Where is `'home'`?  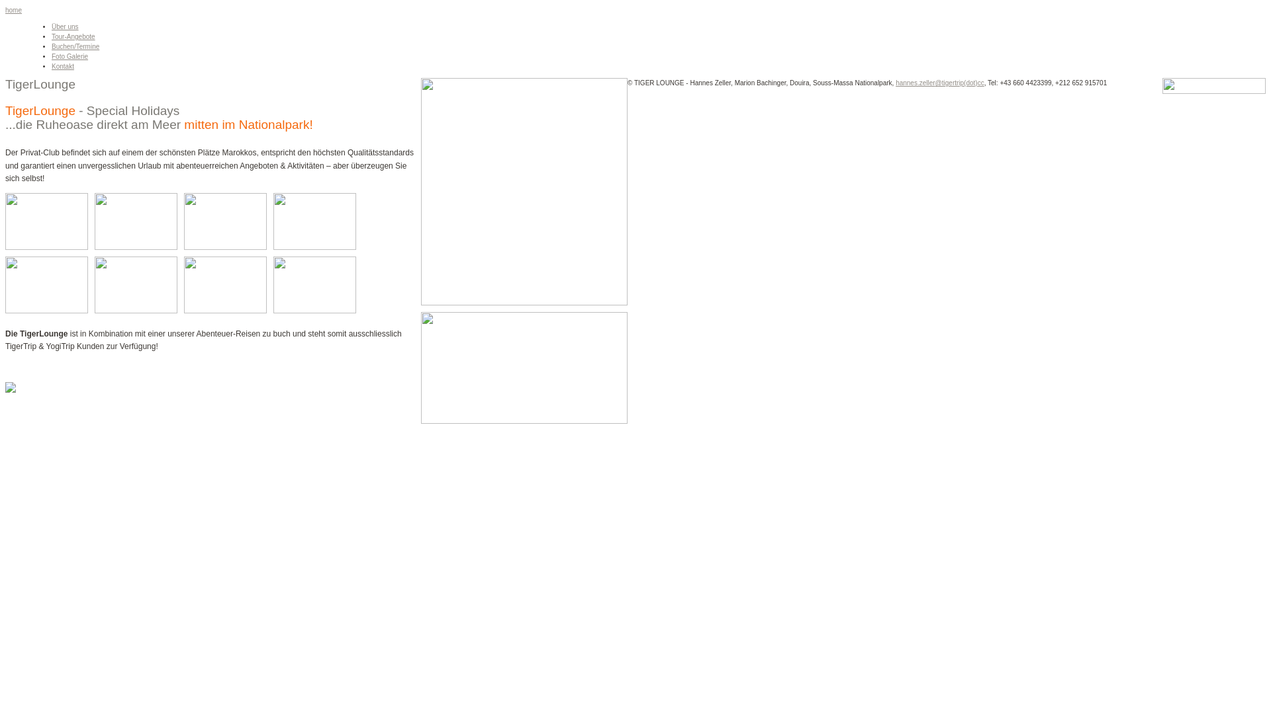 'home' is located at coordinates (5, 10).